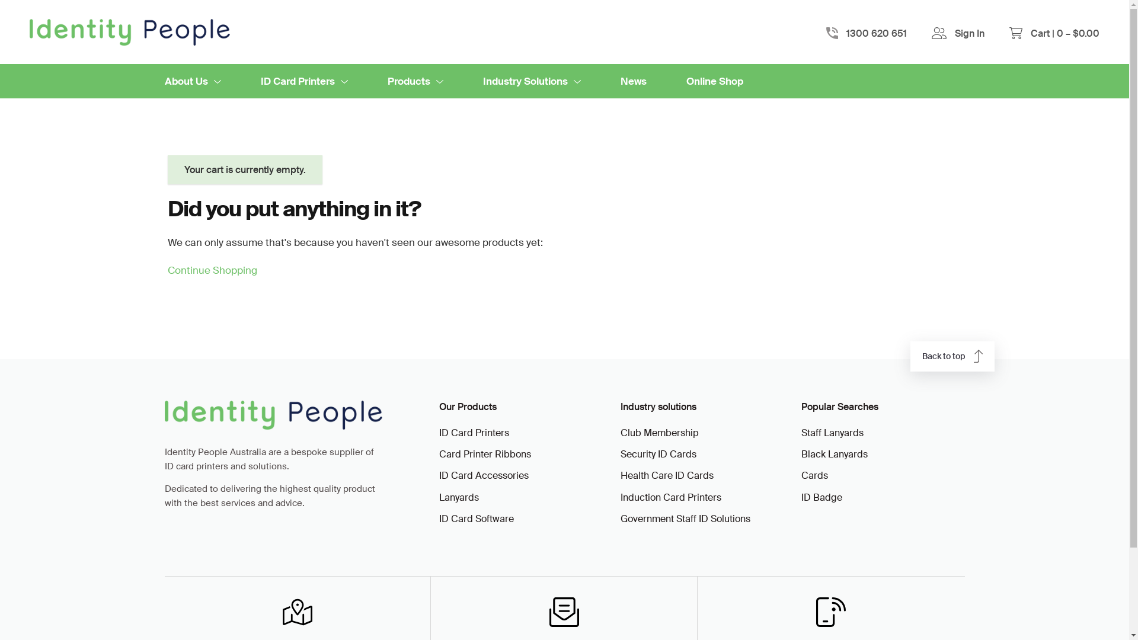 This screenshot has width=1138, height=640. Describe the element at coordinates (632, 81) in the screenshot. I see `'News'` at that location.